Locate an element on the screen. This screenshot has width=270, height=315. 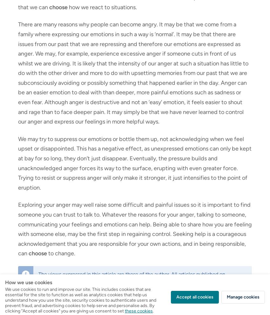
'There are many reasons why people can become angry. It may be that we come from a family where expressing our emotions in such a way is ‘normal’. It may be that there are issues from our past that we are repressing and therefore our emotions are expressed as anger. We may, for example, experience excessive anger if someone cuts in front of us whilst we are driving. It is likely that the intensity of our anger at such a situation has little to do with the other driver and more to do with upsetting memories from our past that we are subconsciously avoiding or possibly something that happened earlier in the day. Anger can be an easier emotion to deal with than deeper, more painful emotions such as sadness or even fear. Although anger is destructive and not an ‘easy’ emotion, it feels easier to shout and rage than to face deeper pain. It may simply be that we have never learned to control our anger and express our feelings in more helpful ways.' is located at coordinates (133, 73).